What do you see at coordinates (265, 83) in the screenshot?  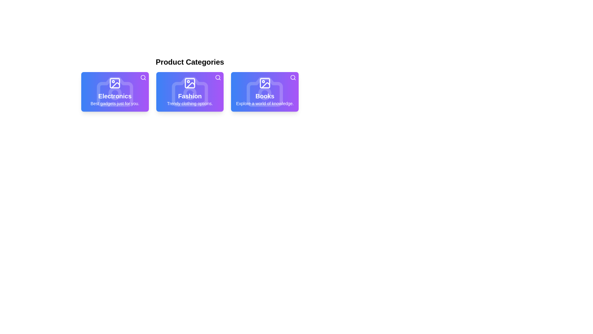 I see `the 'Books' category icon located at the top-middle of the 'Books' card in the 'Product Categories' section, which visually represents the category of 'Books'` at bounding box center [265, 83].